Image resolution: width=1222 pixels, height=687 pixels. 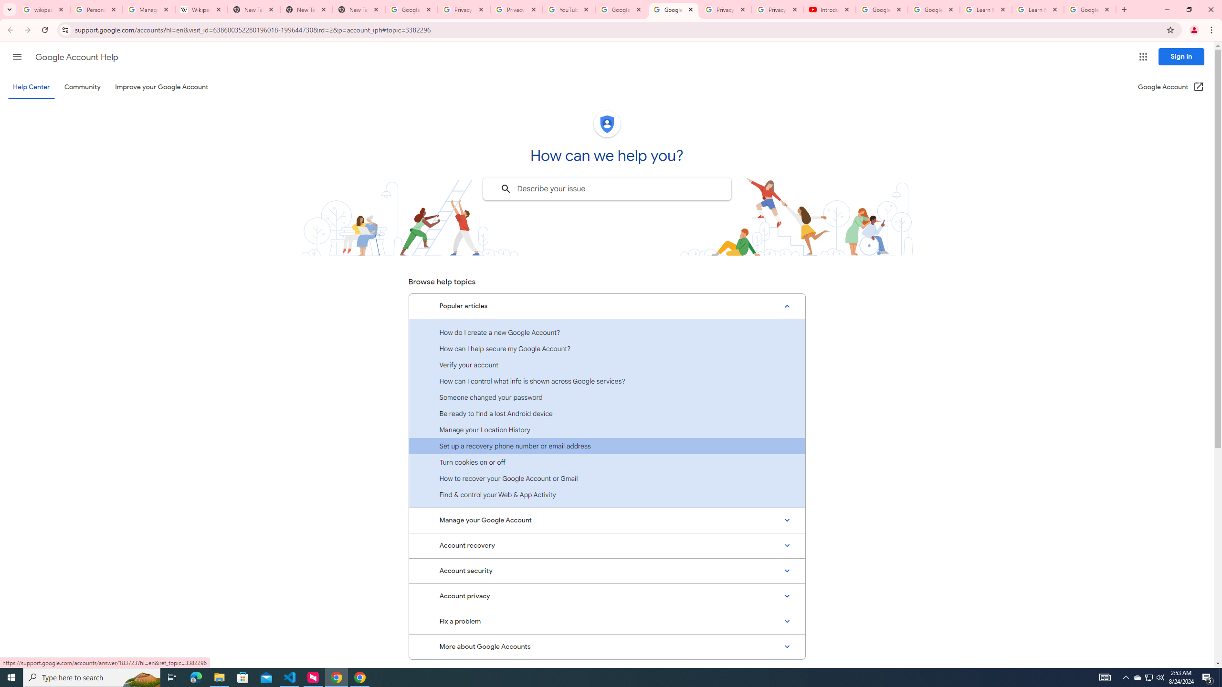 What do you see at coordinates (607, 462) in the screenshot?
I see `'Turn cookies on or off'` at bounding box center [607, 462].